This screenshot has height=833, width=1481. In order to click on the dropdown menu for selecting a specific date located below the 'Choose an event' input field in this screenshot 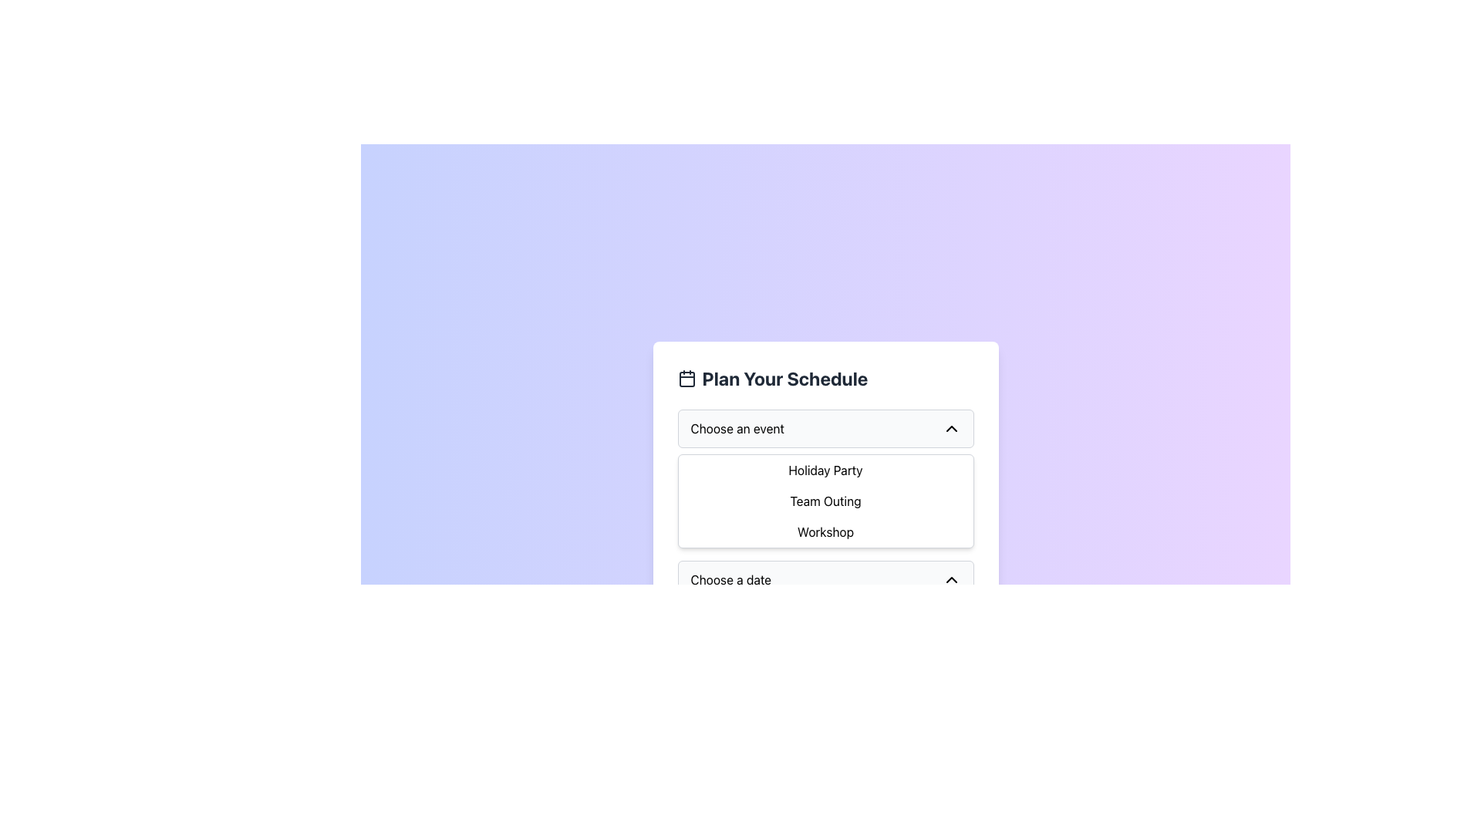, I will do `click(825, 580)`.